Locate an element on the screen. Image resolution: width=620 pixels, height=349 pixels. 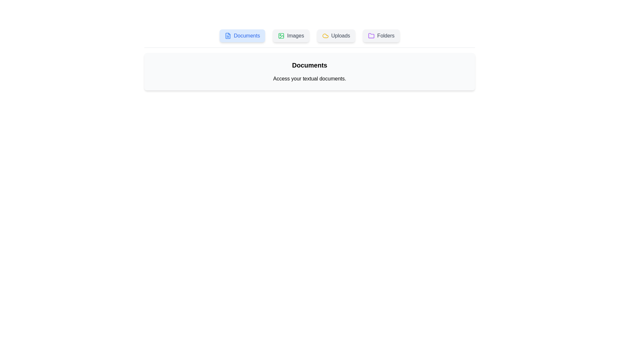
the 'Folders' tab to view its content is located at coordinates (381, 36).